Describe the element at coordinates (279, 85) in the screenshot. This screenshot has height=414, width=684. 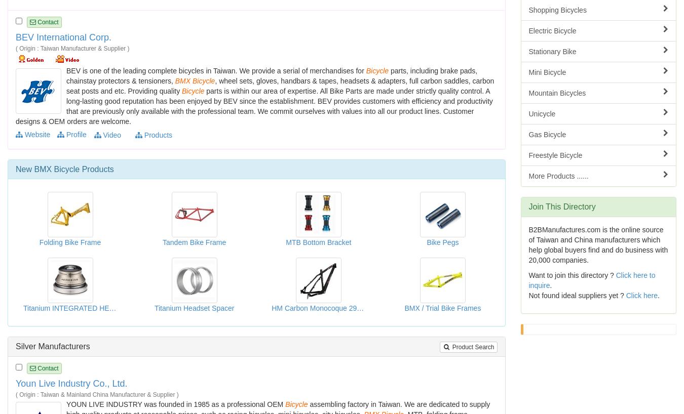
I see `', wheel sets, gloves, handbars & tapes, headsets & adapters, full carbon saddles, carbon seat posts and etc. Providing quality'` at that location.